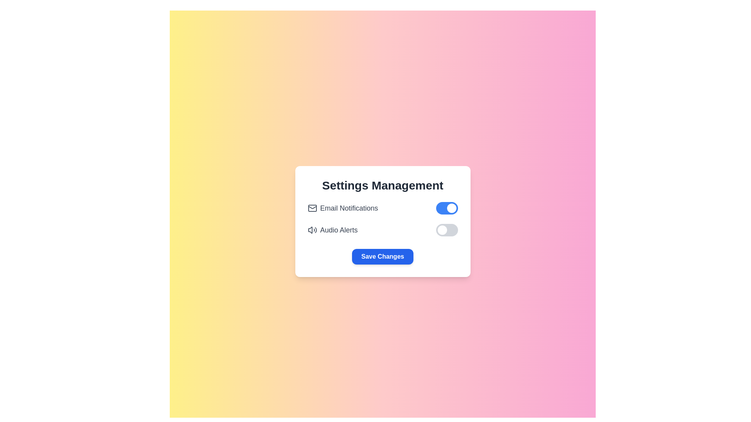 The width and height of the screenshot is (751, 422). Describe the element at coordinates (383, 219) in the screenshot. I see `the icons in the Grouped control panel with toggle switches for 'Email Notifications' and 'Audio Alerts'` at that location.